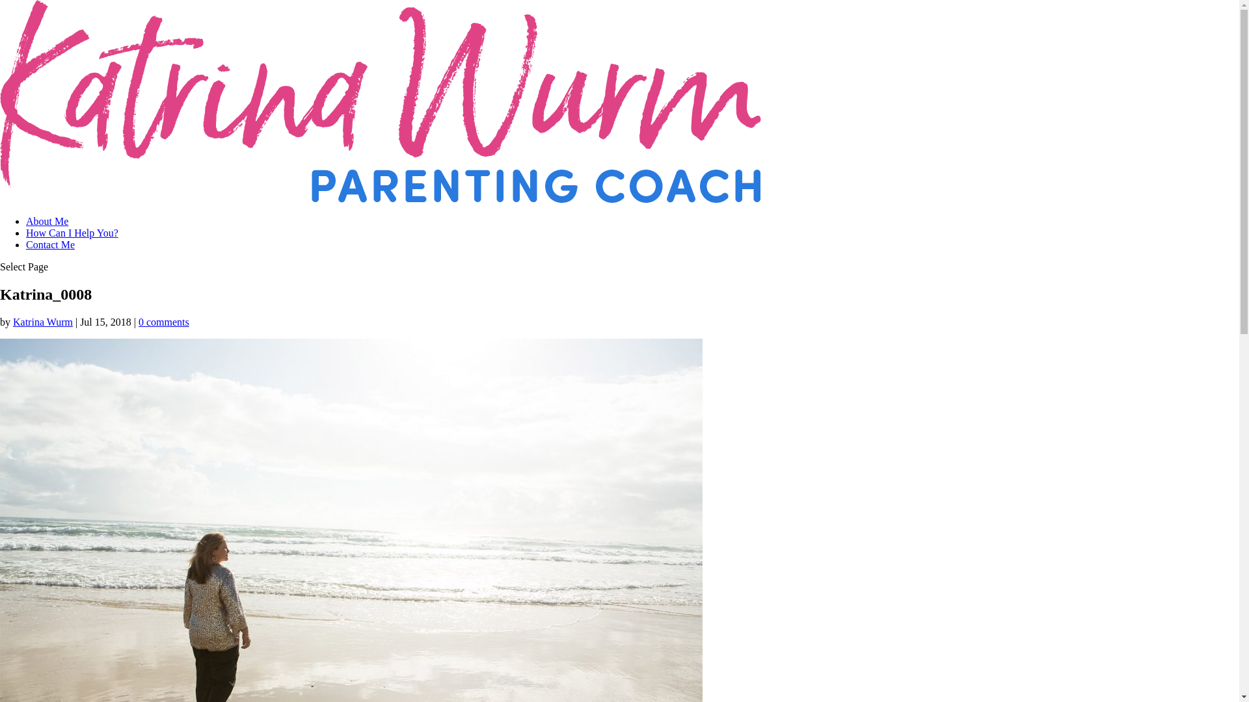 This screenshot has height=702, width=1249. I want to click on 'About Me', so click(25, 220).